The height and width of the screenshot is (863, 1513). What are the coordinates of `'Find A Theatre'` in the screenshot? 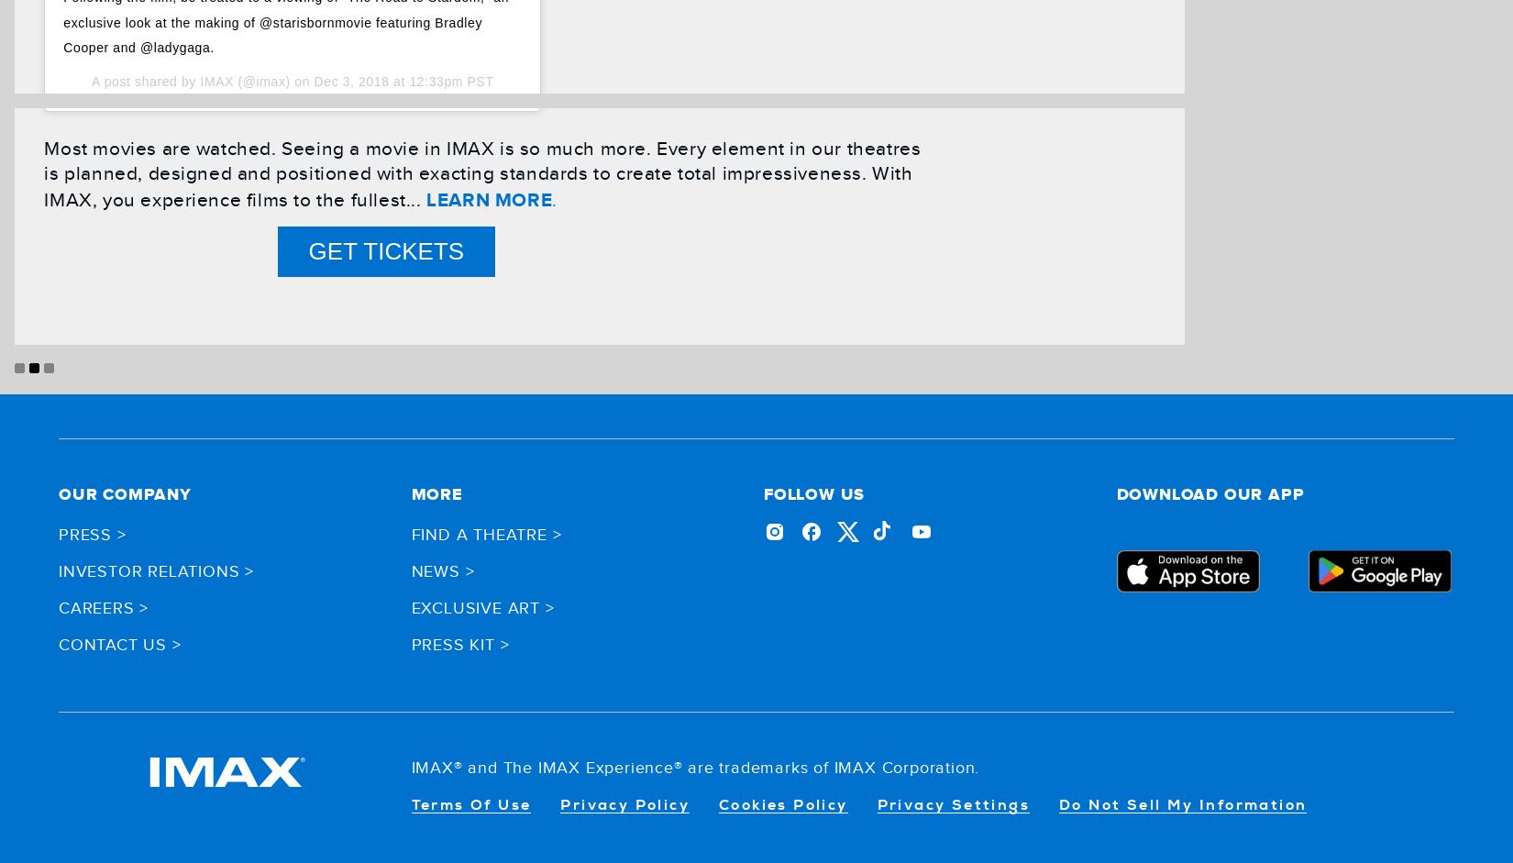 It's located at (478, 533).